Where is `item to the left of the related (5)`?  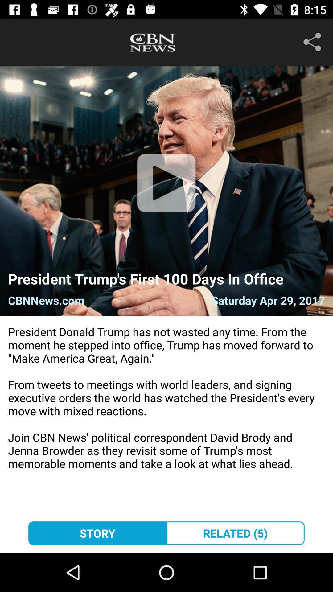 item to the left of the related (5) is located at coordinates (97, 533).